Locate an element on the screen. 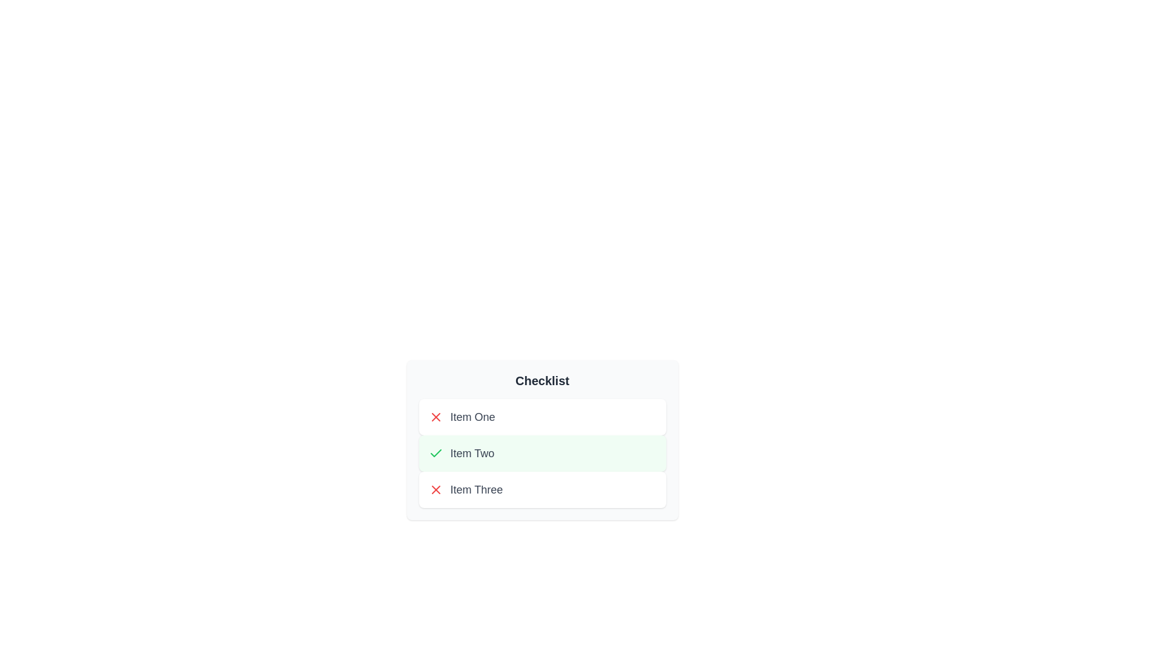 Image resolution: width=1163 pixels, height=654 pixels. the item Item One in the checklist is located at coordinates (542, 417).